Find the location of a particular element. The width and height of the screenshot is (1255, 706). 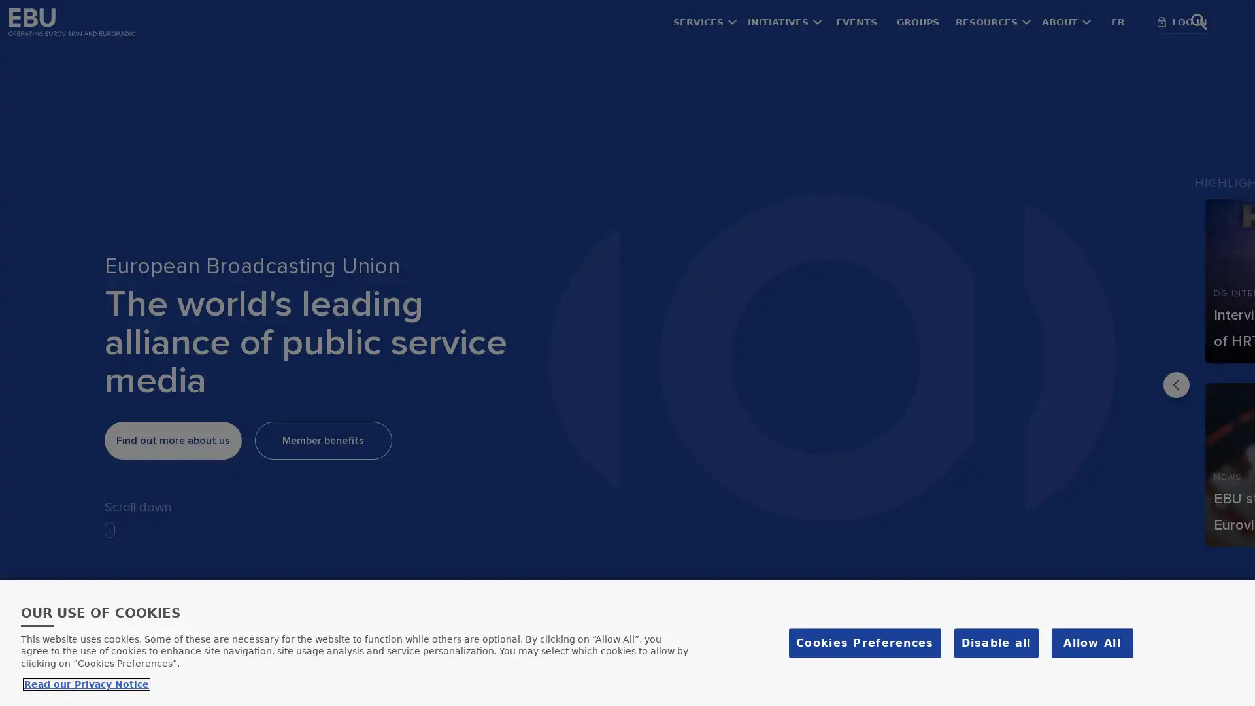

Allow All is located at coordinates (1092, 642).